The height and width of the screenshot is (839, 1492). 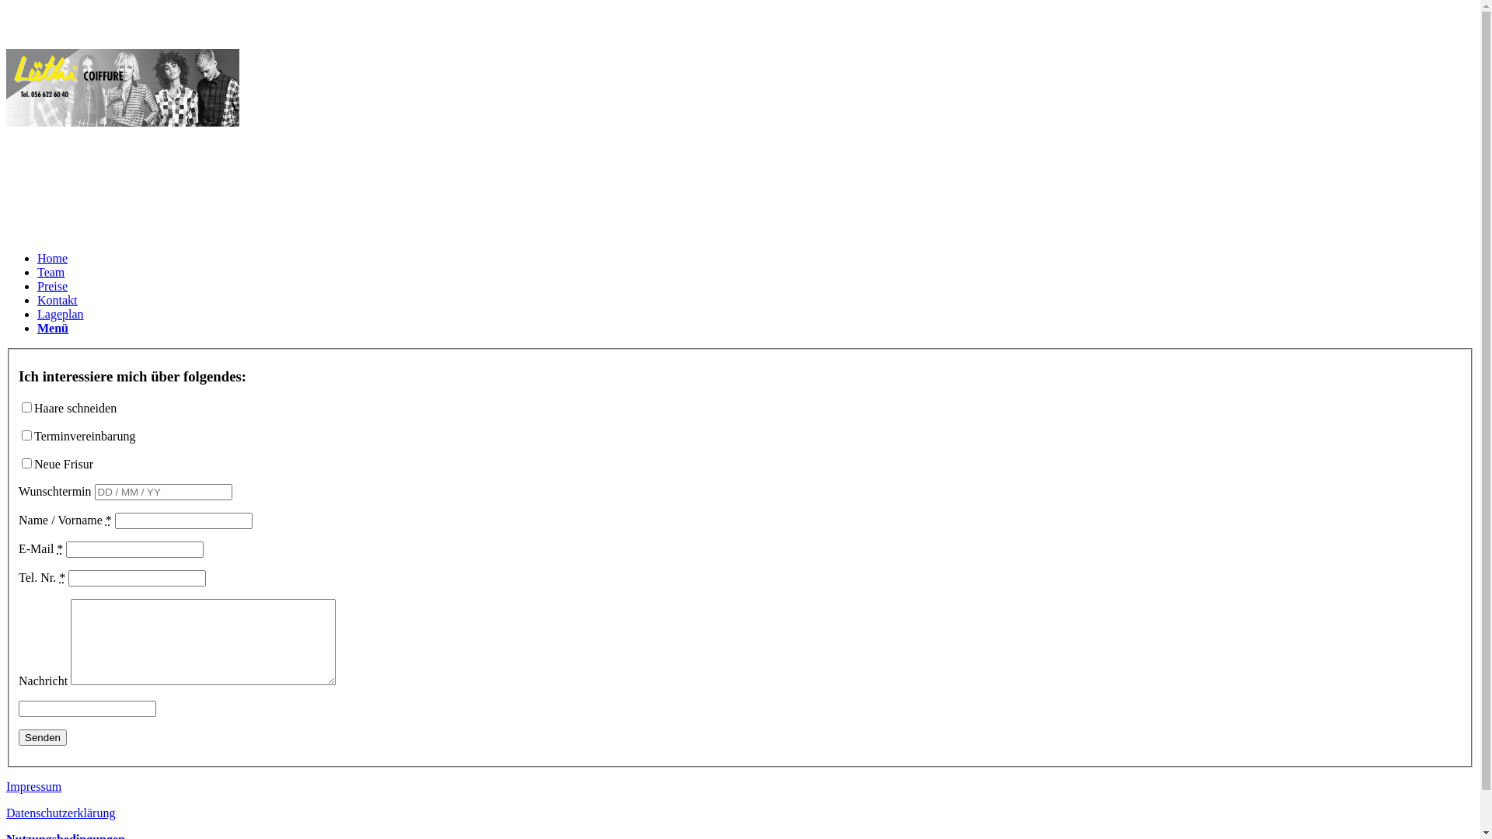 I want to click on 'Impressum', so click(x=33, y=786).